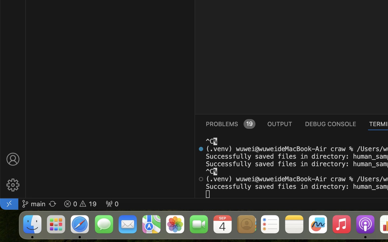  I want to click on '0 OUTPUT', so click(280, 123).